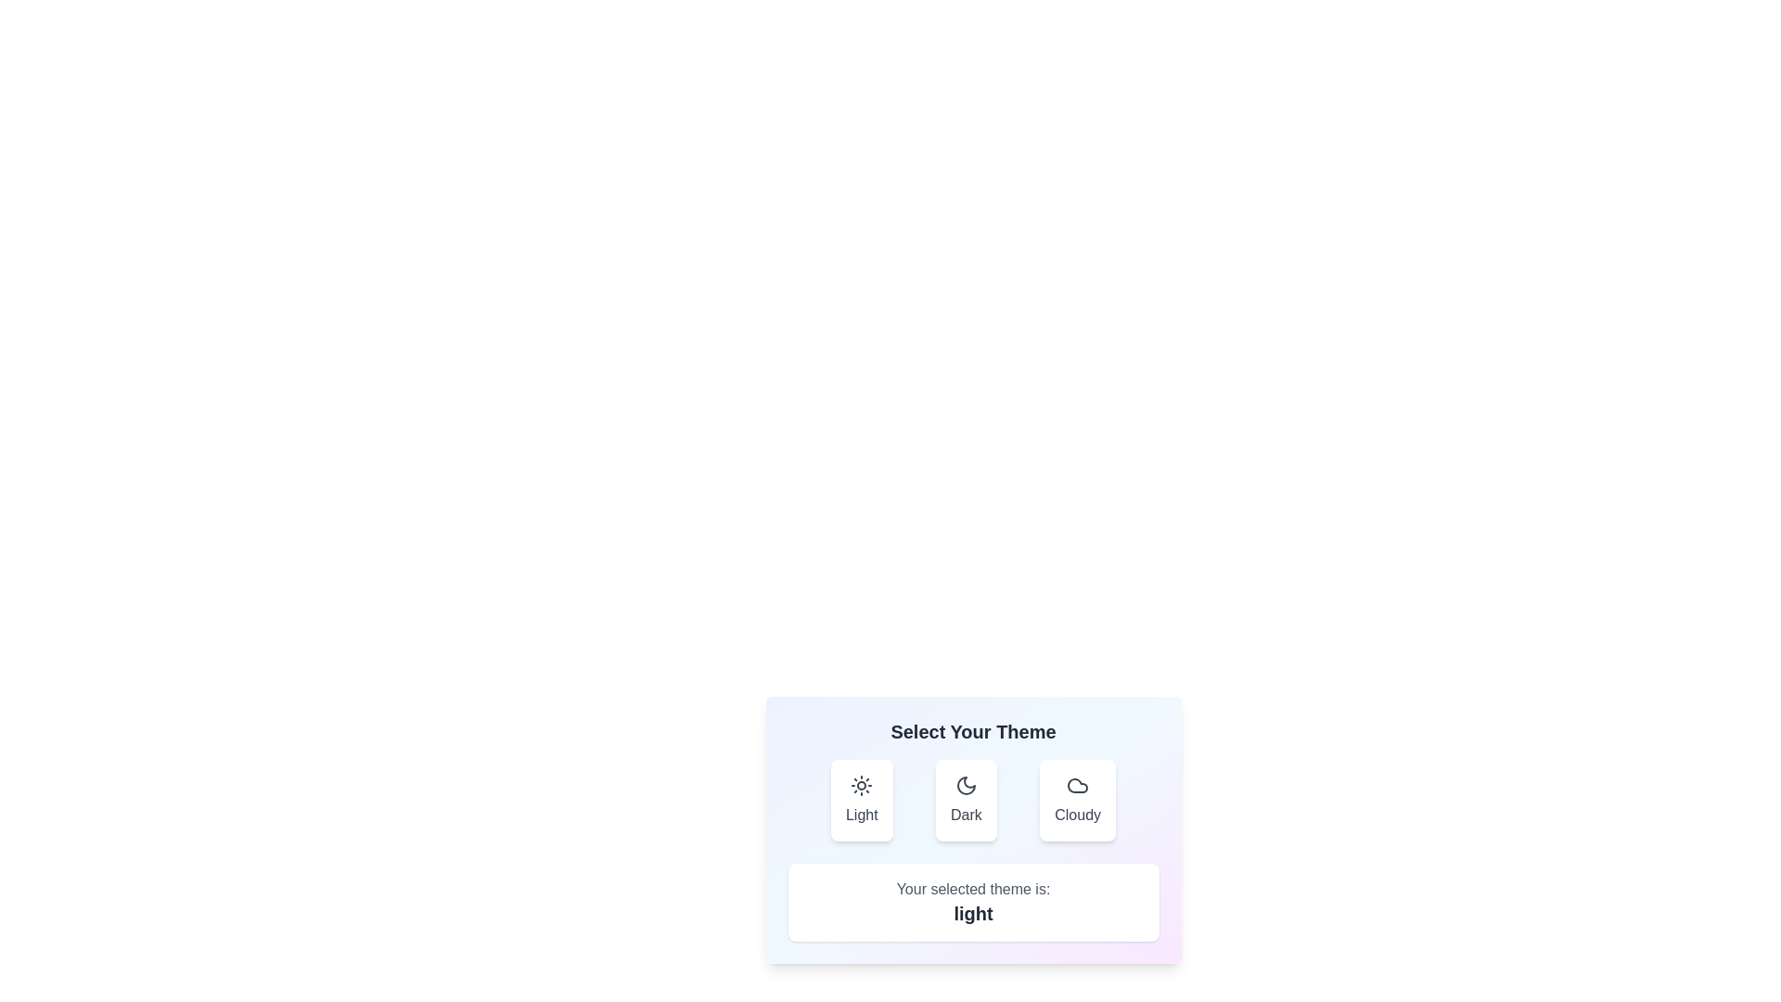 The image size is (1781, 1002). I want to click on the cloud-shaped icon outlined with a dark stroke and filled with a transparent center, located below the text 'Cloudy' in the rightmost card of a three-card selection interface, so click(1078, 786).